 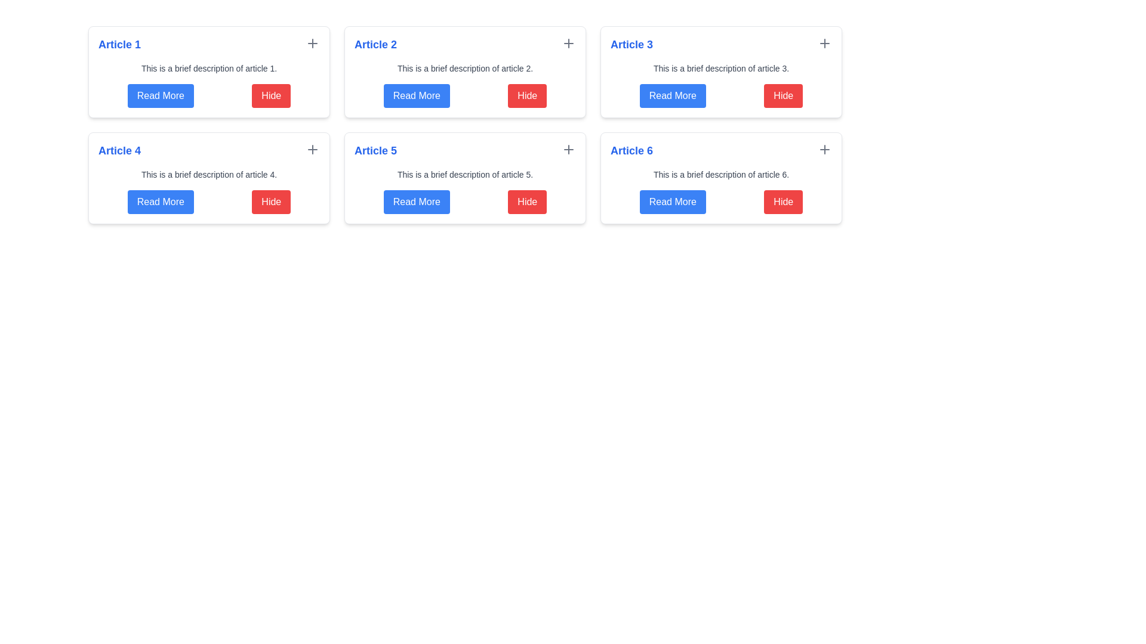 What do you see at coordinates (631, 44) in the screenshot?
I see `the text label displaying 'Article 3', which is styled in bold, large blue font and positioned at the top-left of its card in a grid layout` at bounding box center [631, 44].